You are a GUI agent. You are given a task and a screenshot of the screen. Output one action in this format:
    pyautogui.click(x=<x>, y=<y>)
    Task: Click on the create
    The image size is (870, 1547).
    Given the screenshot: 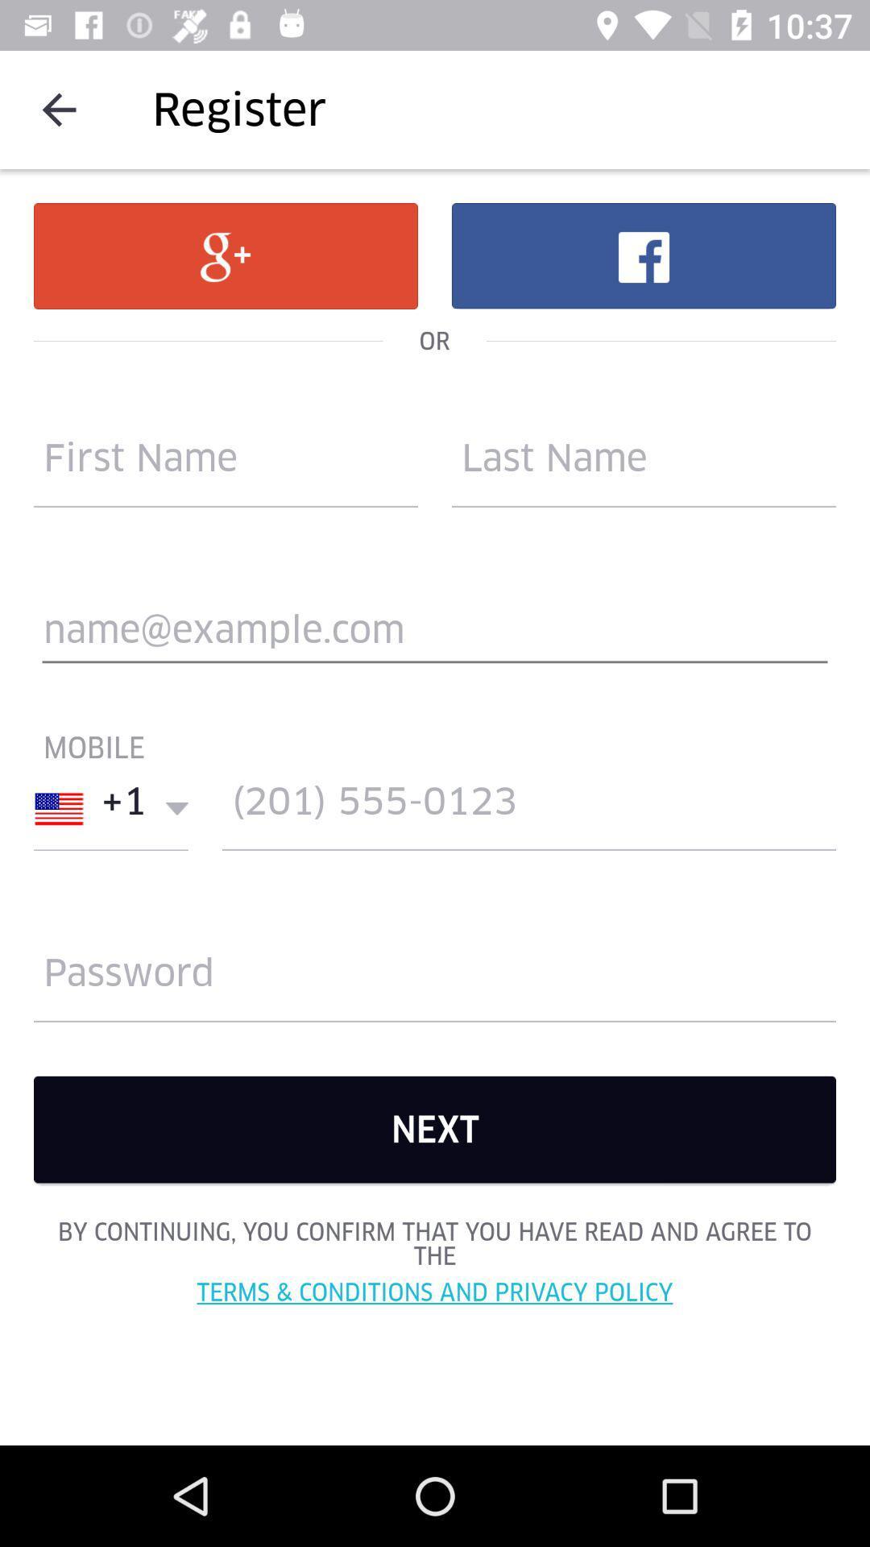 What is the action you would take?
    pyautogui.click(x=528, y=809)
    